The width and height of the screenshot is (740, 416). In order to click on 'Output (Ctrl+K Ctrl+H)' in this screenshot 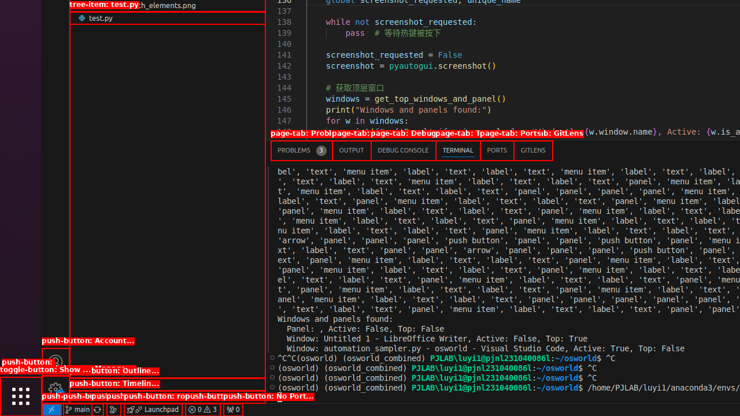, I will do `click(351, 150)`.